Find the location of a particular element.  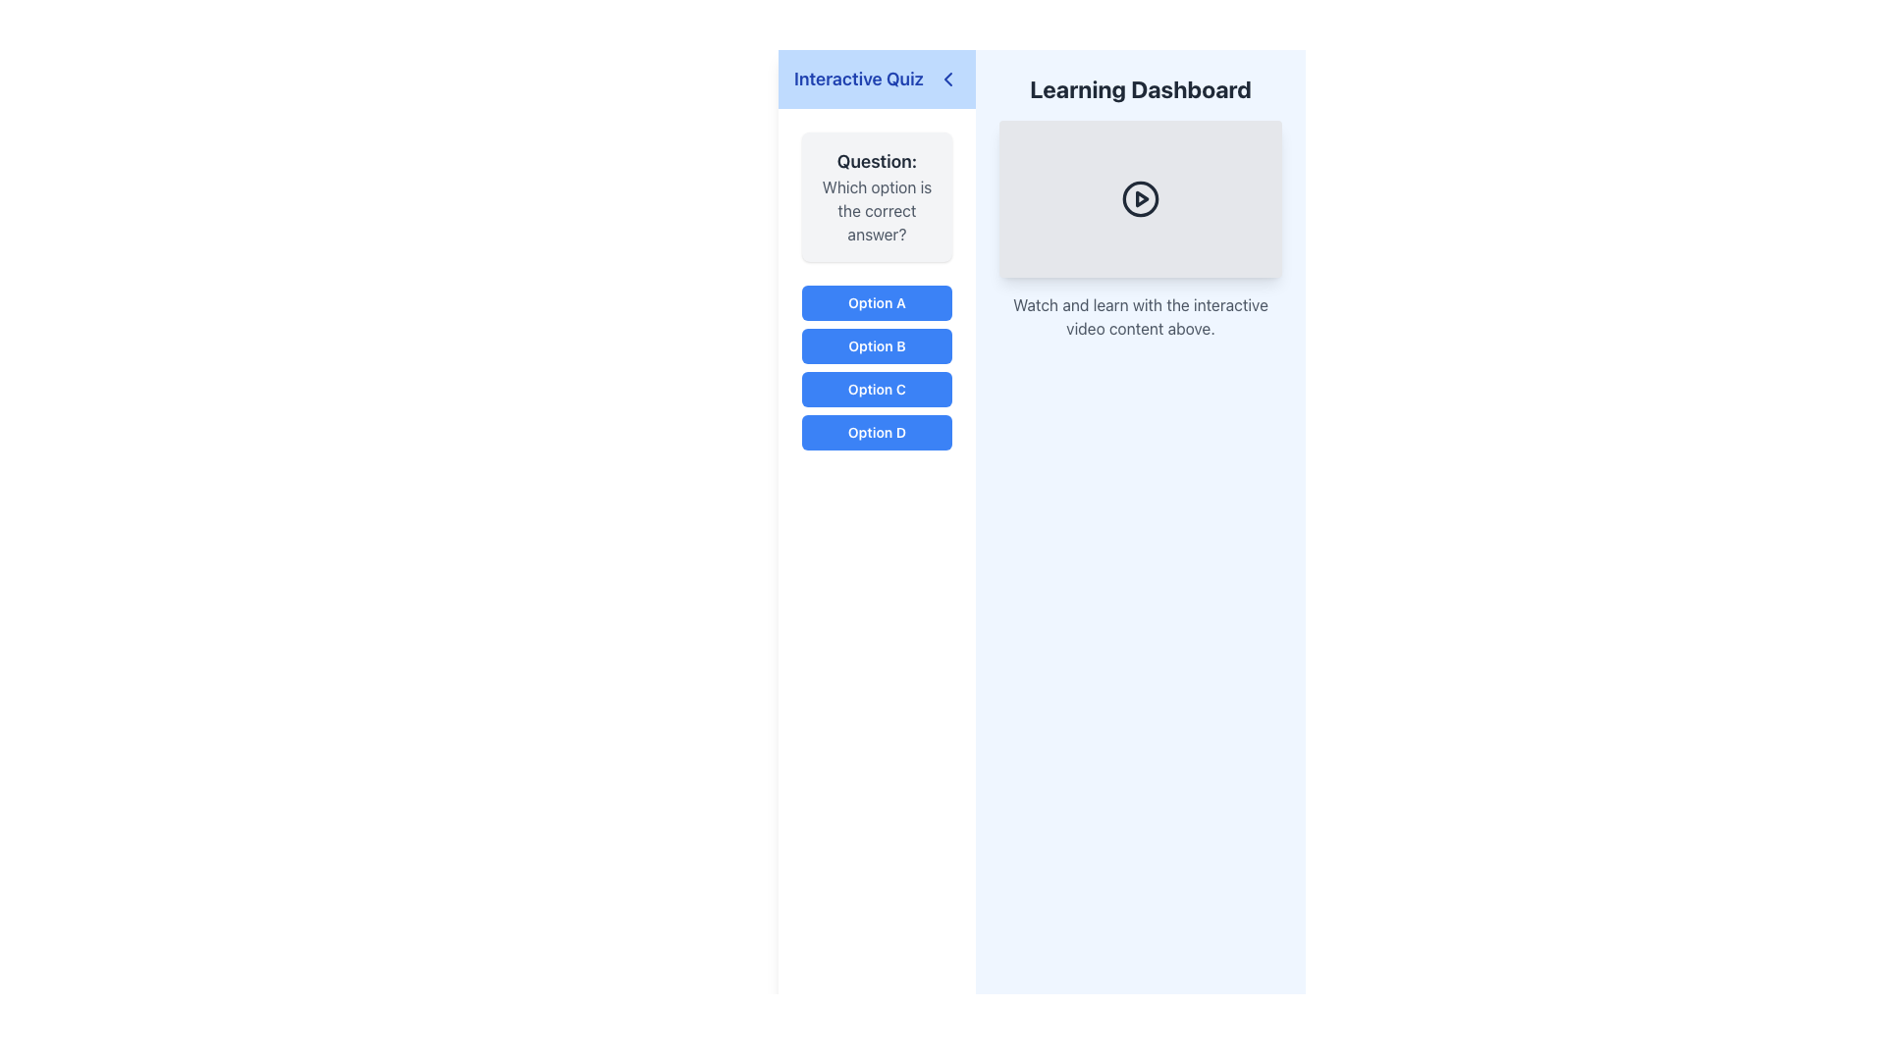

text from the Text Label that serves as a heading for the content below, located above the video placeholder section in the right portion of the interface is located at coordinates (1140, 89).